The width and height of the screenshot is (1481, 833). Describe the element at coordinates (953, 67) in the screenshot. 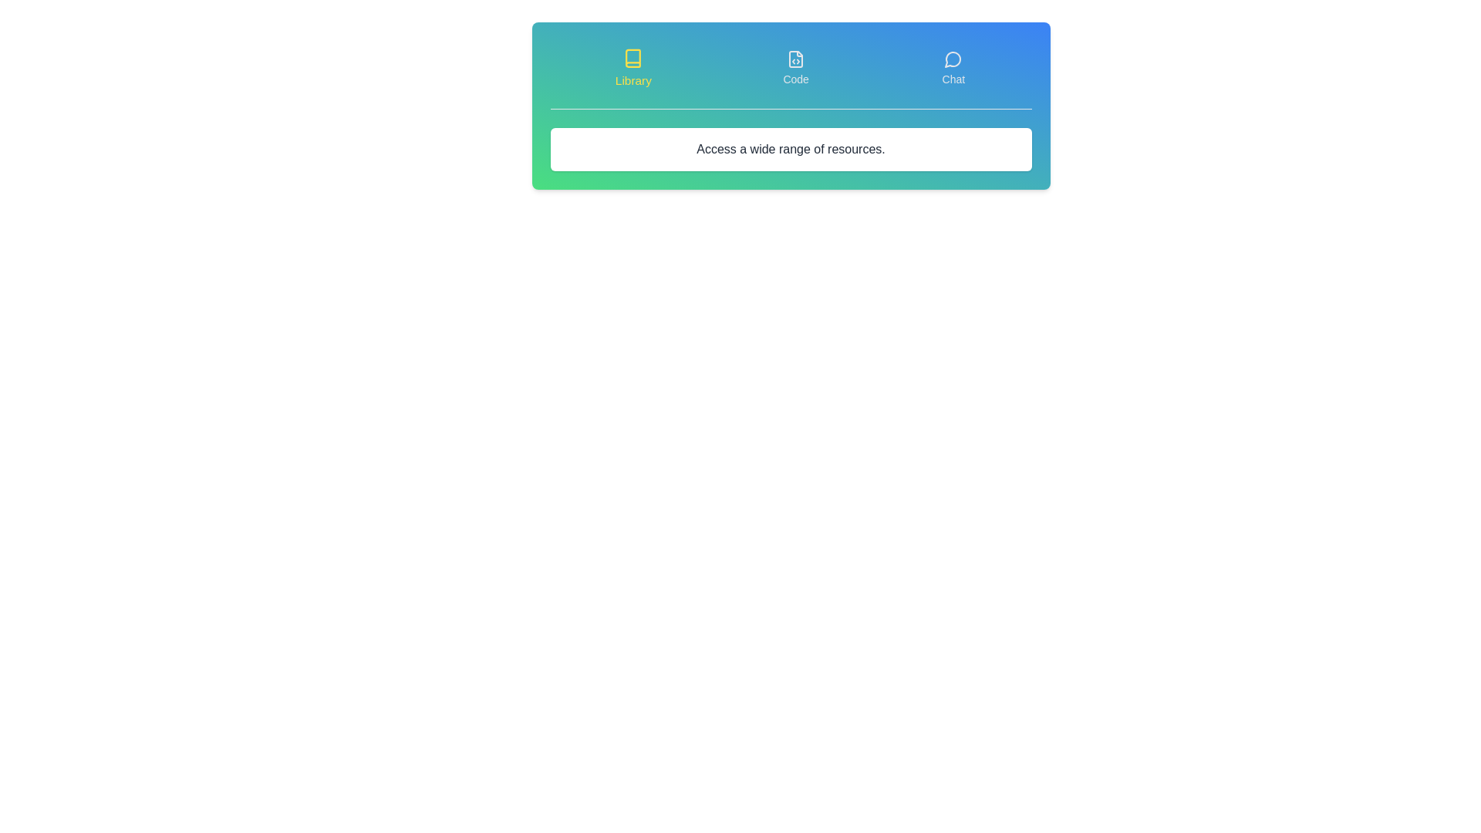

I see `the tab labeled Chat to select it` at that location.